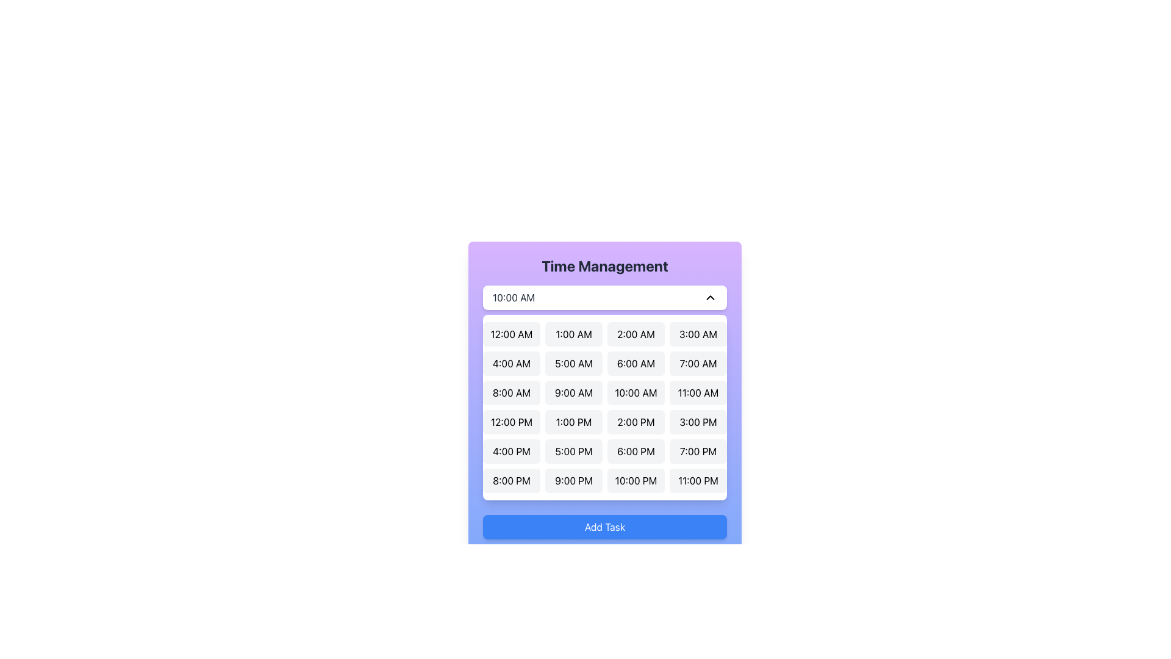  What do you see at coordinates (605, 527) in the screenshot?
I see `the 'Add Task' button, which is a rectangular button with a blue background and white text, located at the bottom of the time management interface` at bounding box center [605, 527].